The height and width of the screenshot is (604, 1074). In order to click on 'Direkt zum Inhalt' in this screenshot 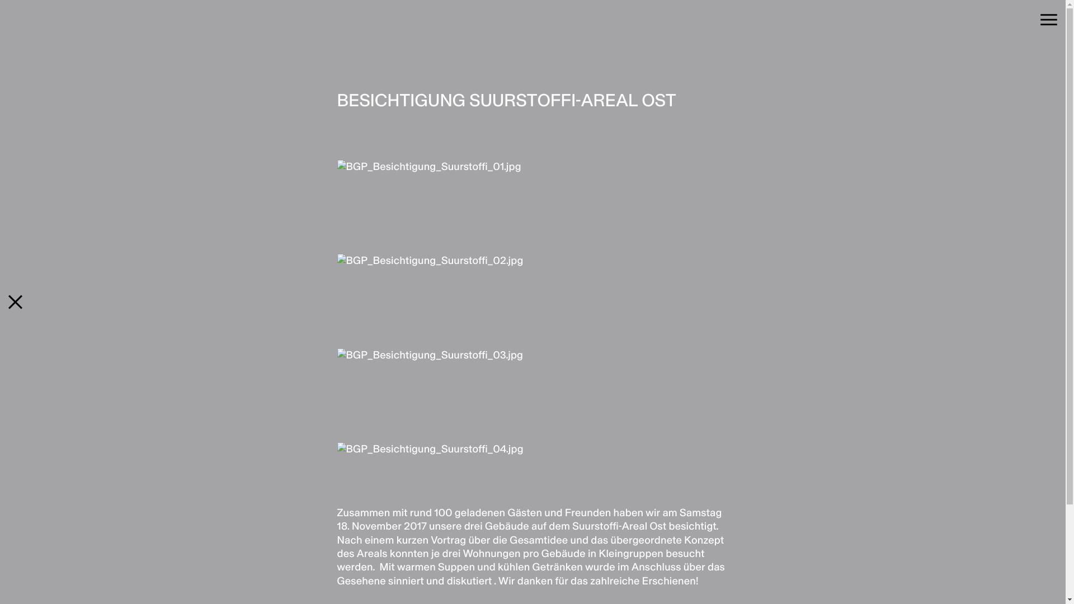, I will do `click(0, 0)`.